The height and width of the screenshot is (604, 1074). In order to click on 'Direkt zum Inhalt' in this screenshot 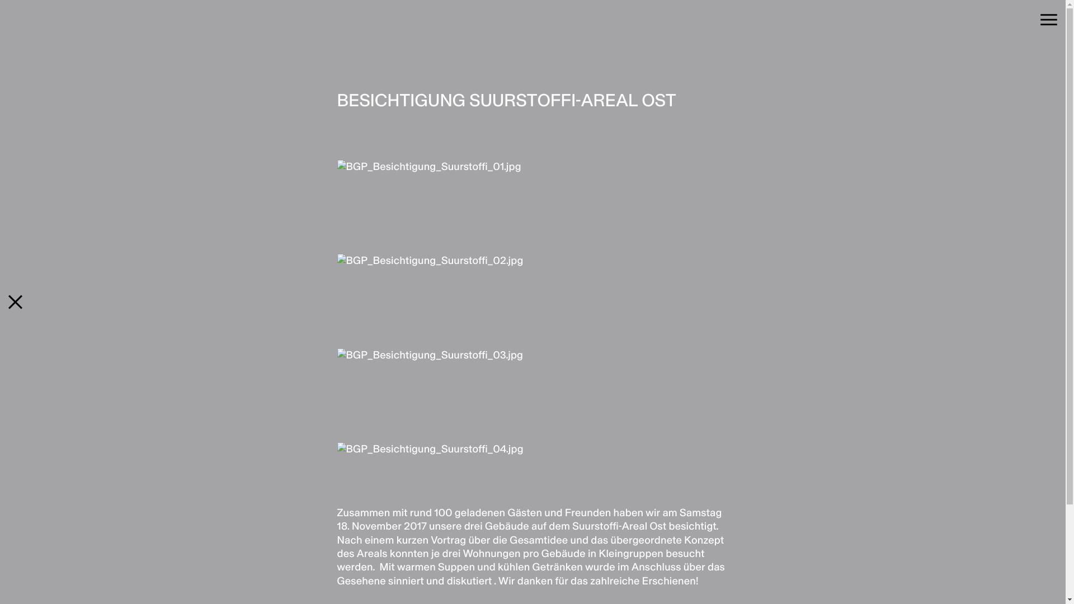, I will do `click(0, 0)`.